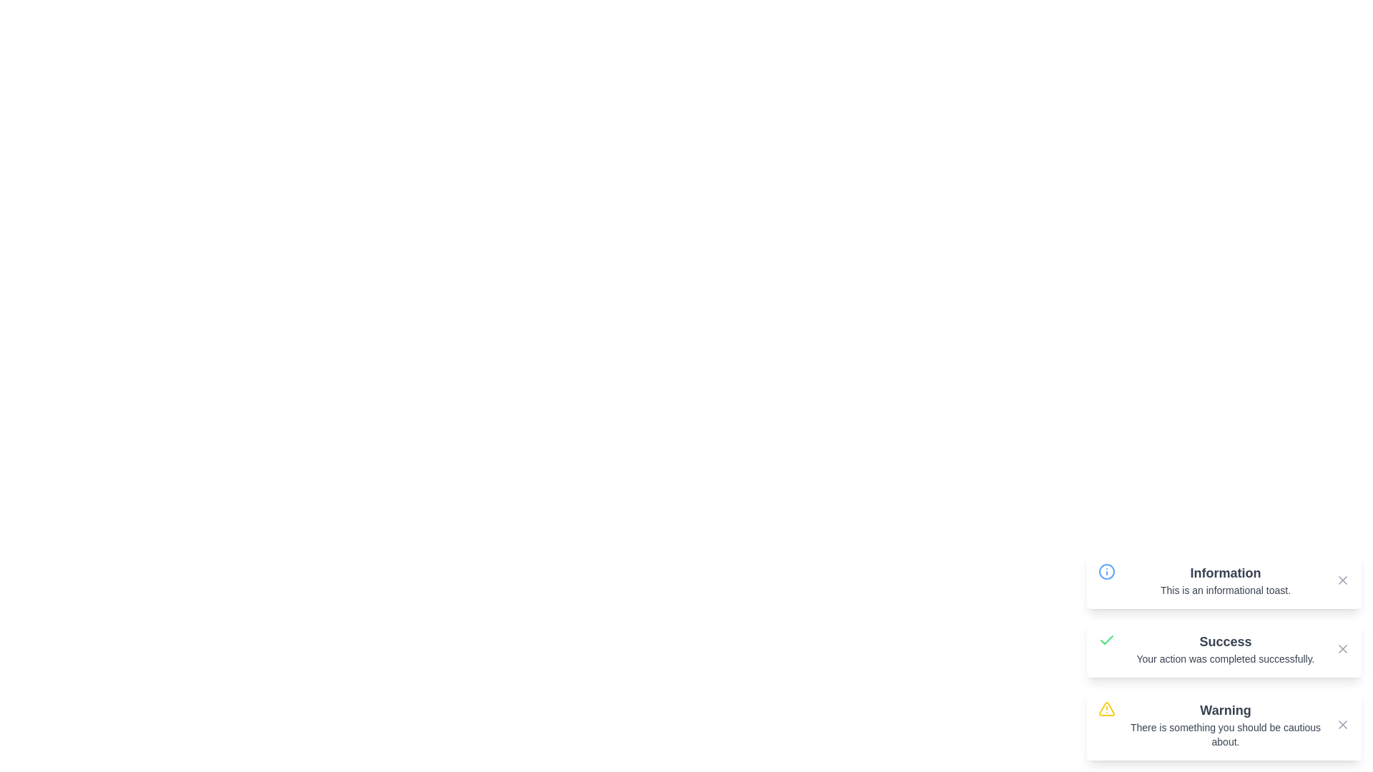 This screenshot has width=1373, height=772. What do you see at coordinates (1224, 725) in the screenshot?
I see `warning message displayed in the text block located in the warning card, positioned to the right of the caution icon` at bounding box center [1224, 725].